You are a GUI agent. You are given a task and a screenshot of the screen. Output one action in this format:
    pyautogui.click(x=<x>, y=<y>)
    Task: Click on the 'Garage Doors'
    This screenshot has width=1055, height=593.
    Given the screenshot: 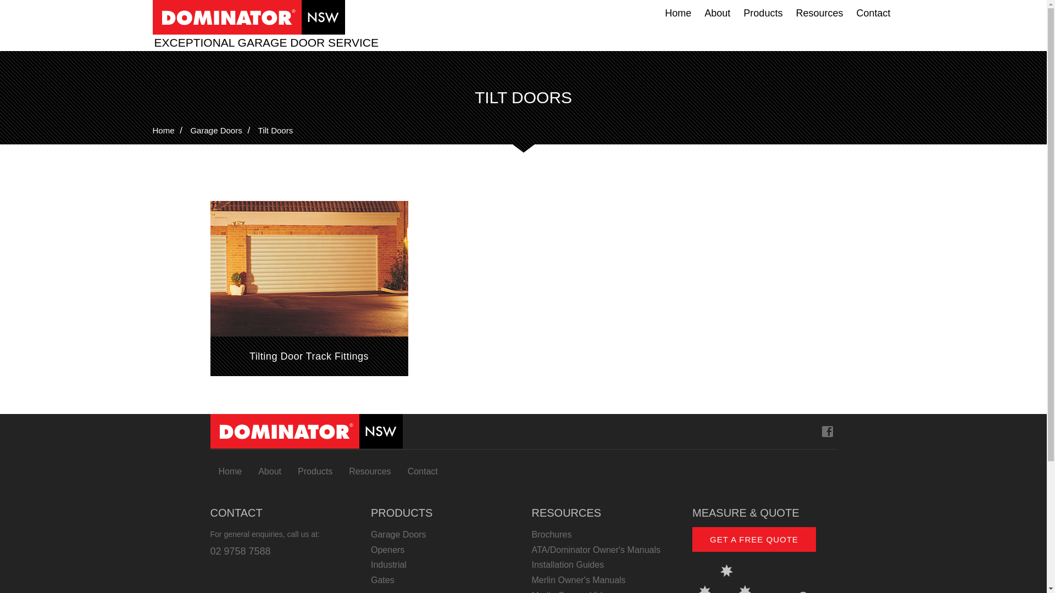 What is the action you would take?
    pyautogui.click(x=443, y=534)
    